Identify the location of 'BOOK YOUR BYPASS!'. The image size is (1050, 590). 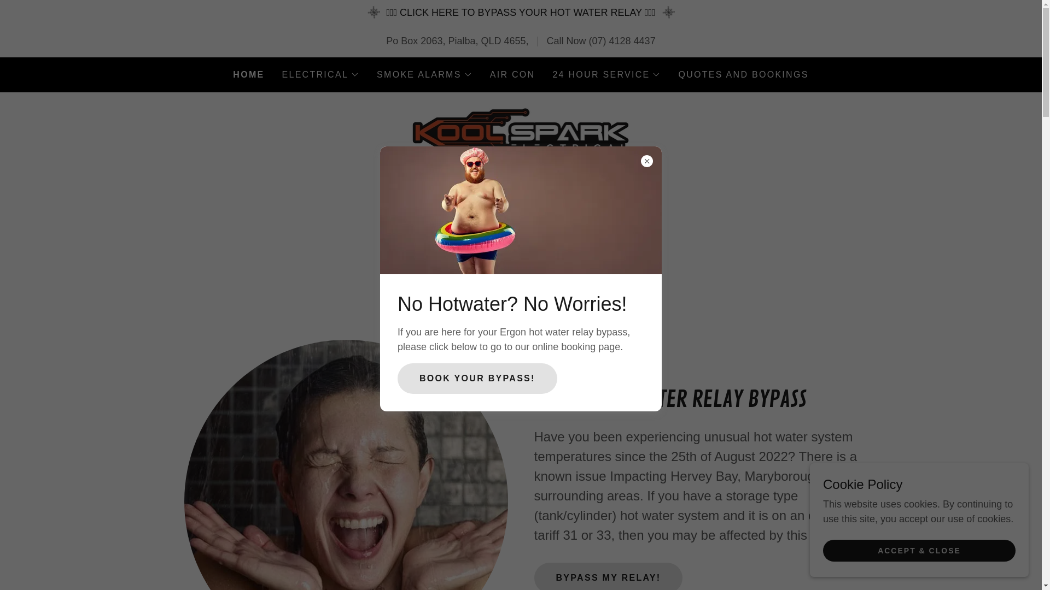
(477, 377).